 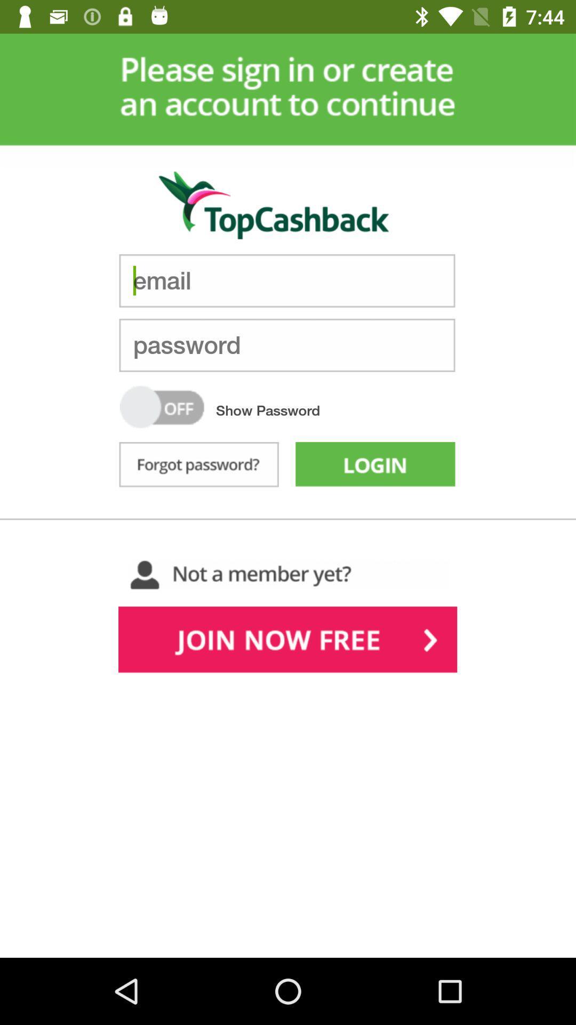 I want to click on password display, so click(x=162, y=406).